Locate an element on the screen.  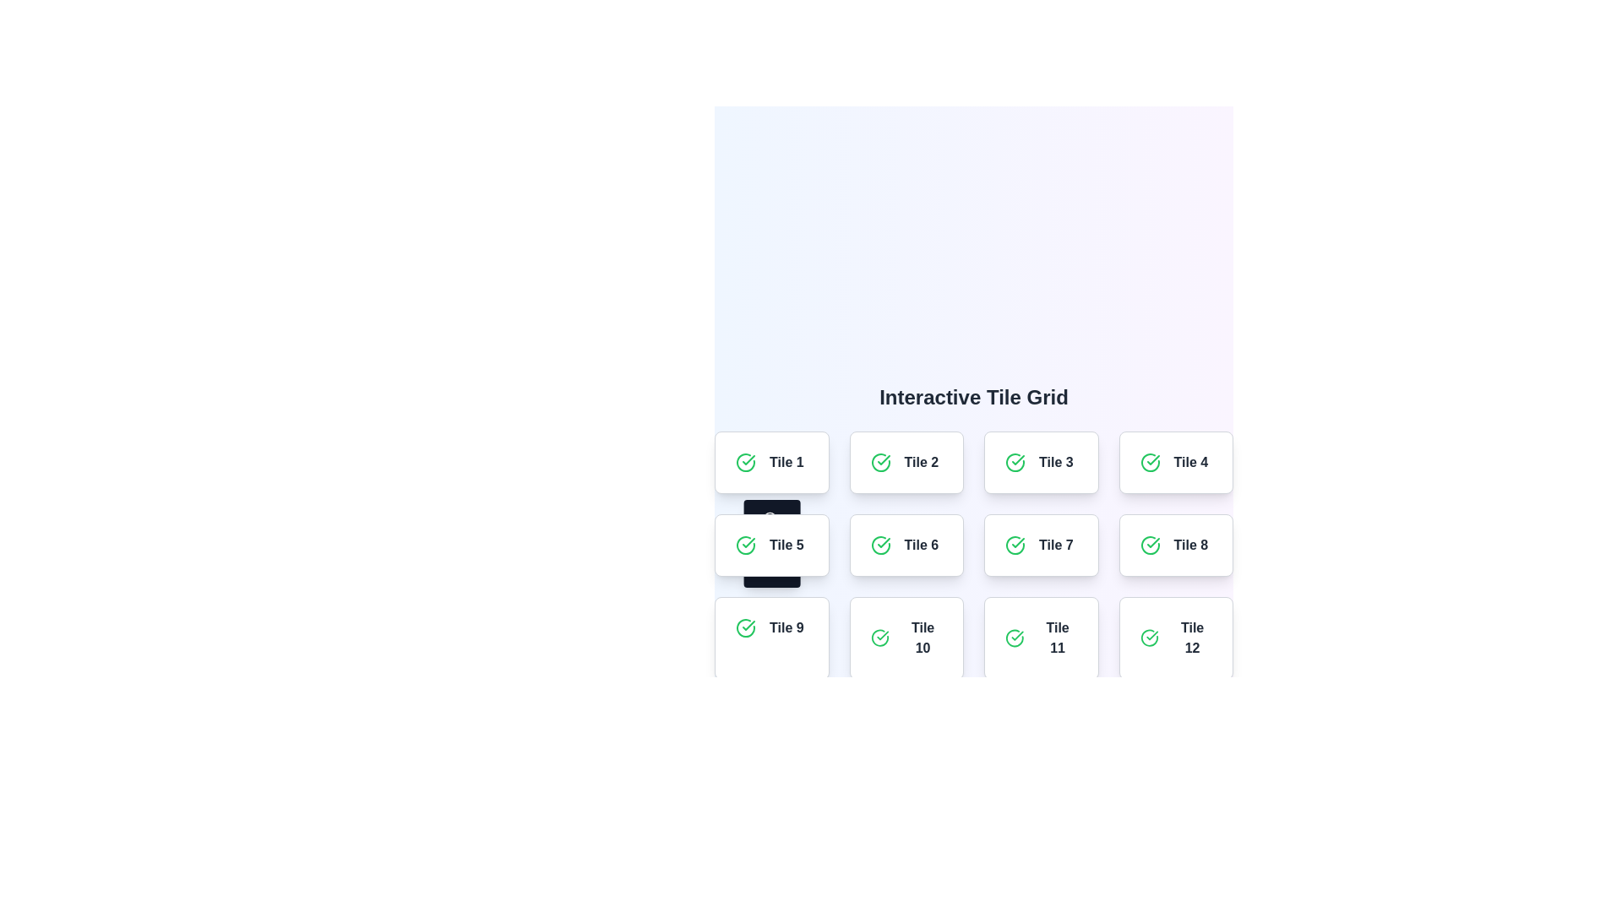
the status indicator icon for 'Tile 4', located to the left of its label in the top right section of the grid is located at coordinates (1149, 462).